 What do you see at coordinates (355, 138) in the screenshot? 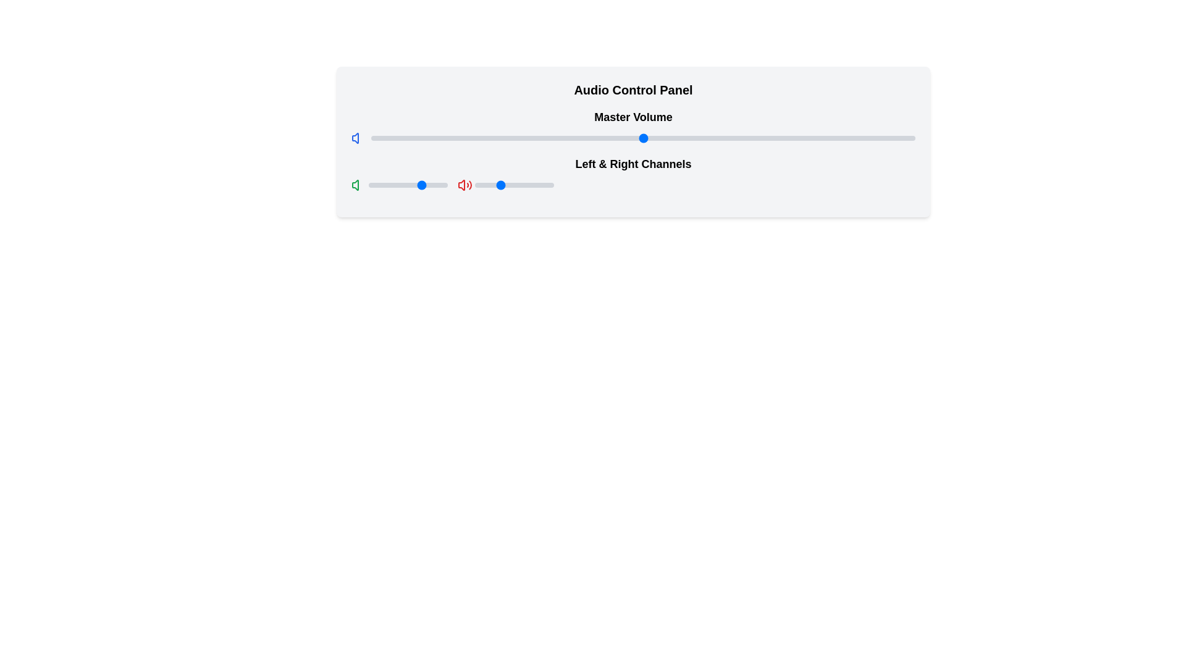
I see `the speaker icon in the audio control panel, which is the second icon in the row below the 'Left & Right Channels' label, to interact with it` at bounding box center [355, 138].